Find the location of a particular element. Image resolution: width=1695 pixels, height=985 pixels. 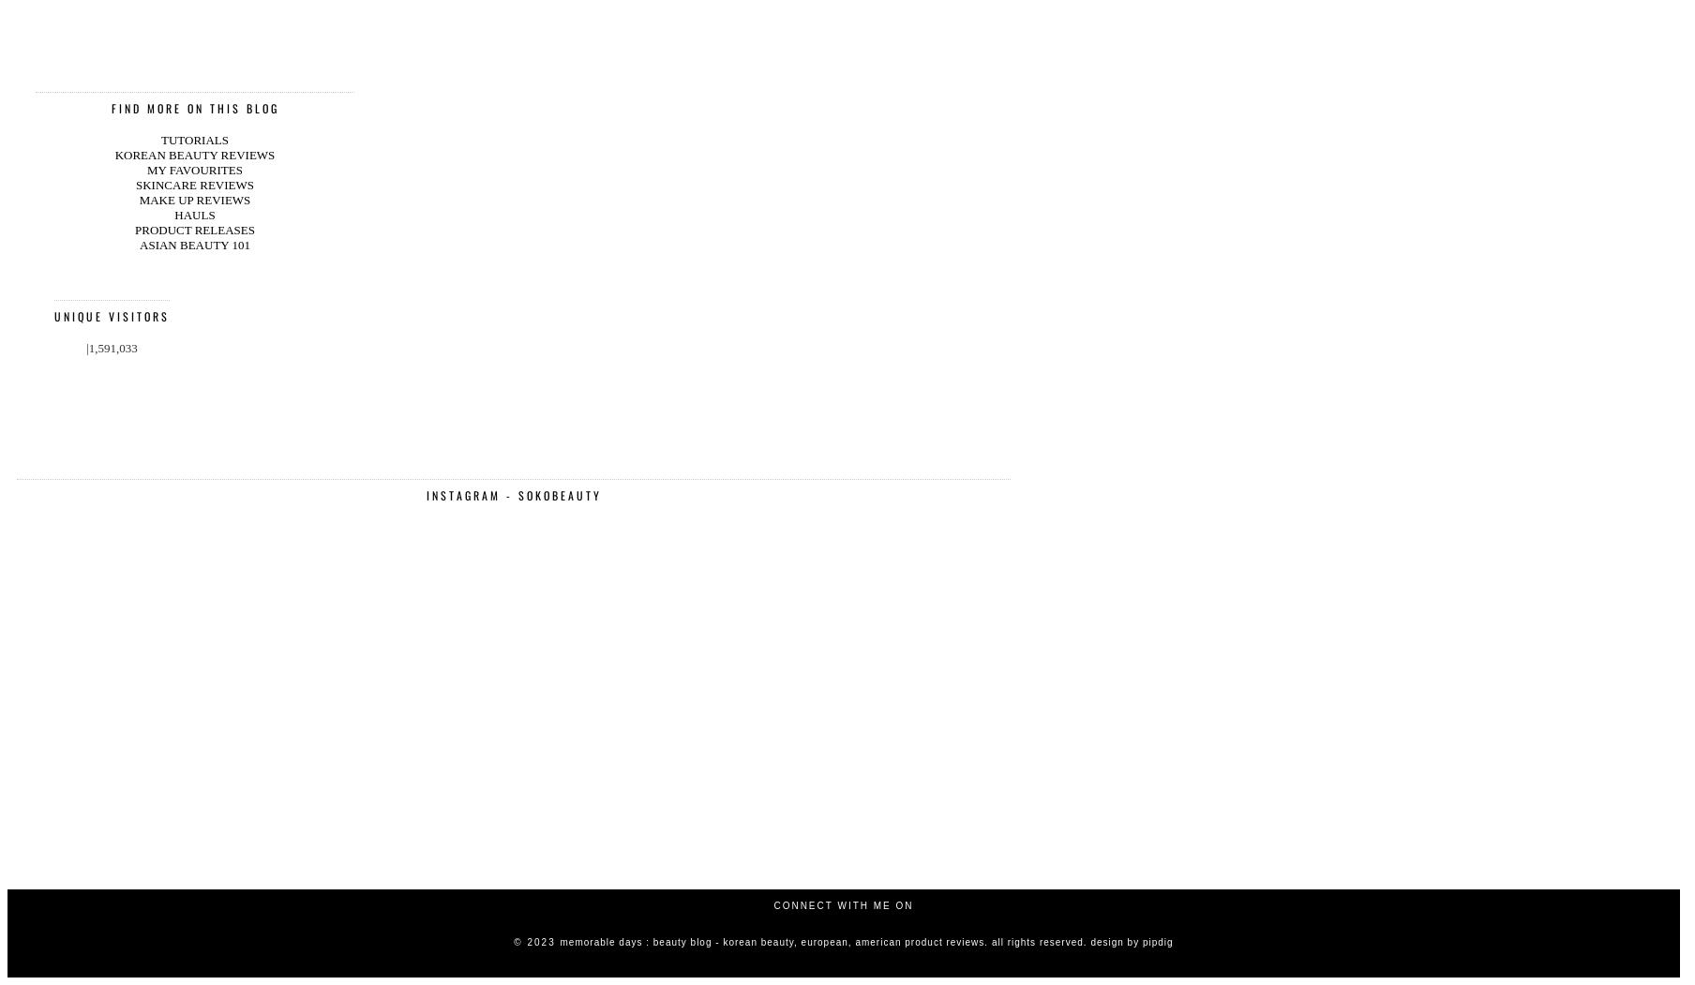

'Memorable Days : Beauty Blog - Korean Beauty, European, American Product Reviews. all rights reserved.' is located at coordinates (559, 719).